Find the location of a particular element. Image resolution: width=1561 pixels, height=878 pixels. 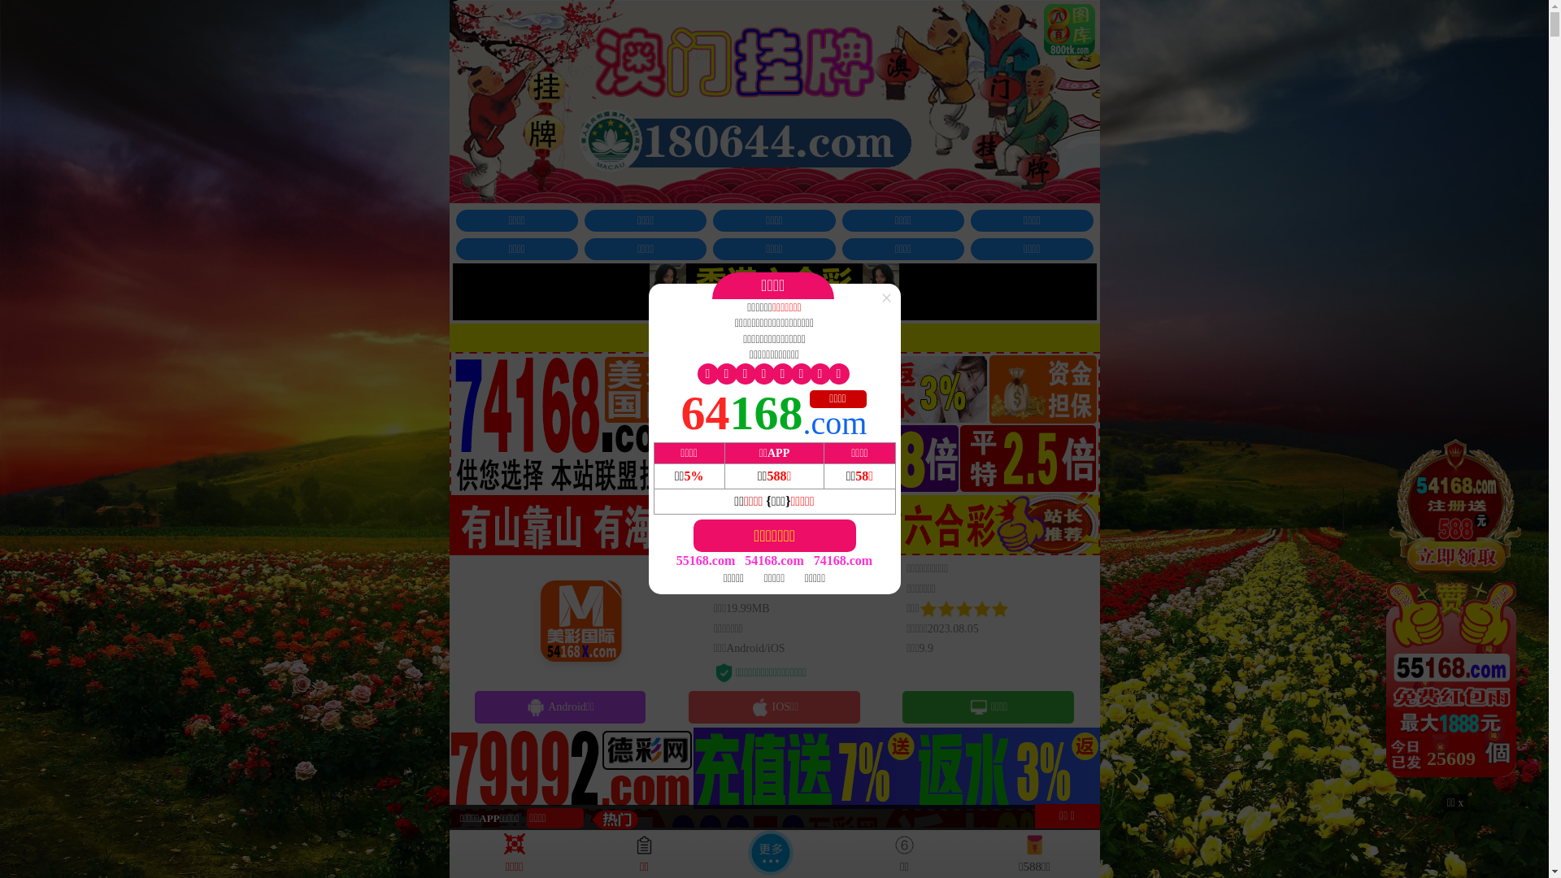

'24929' is located at coordinates (1455, 614).